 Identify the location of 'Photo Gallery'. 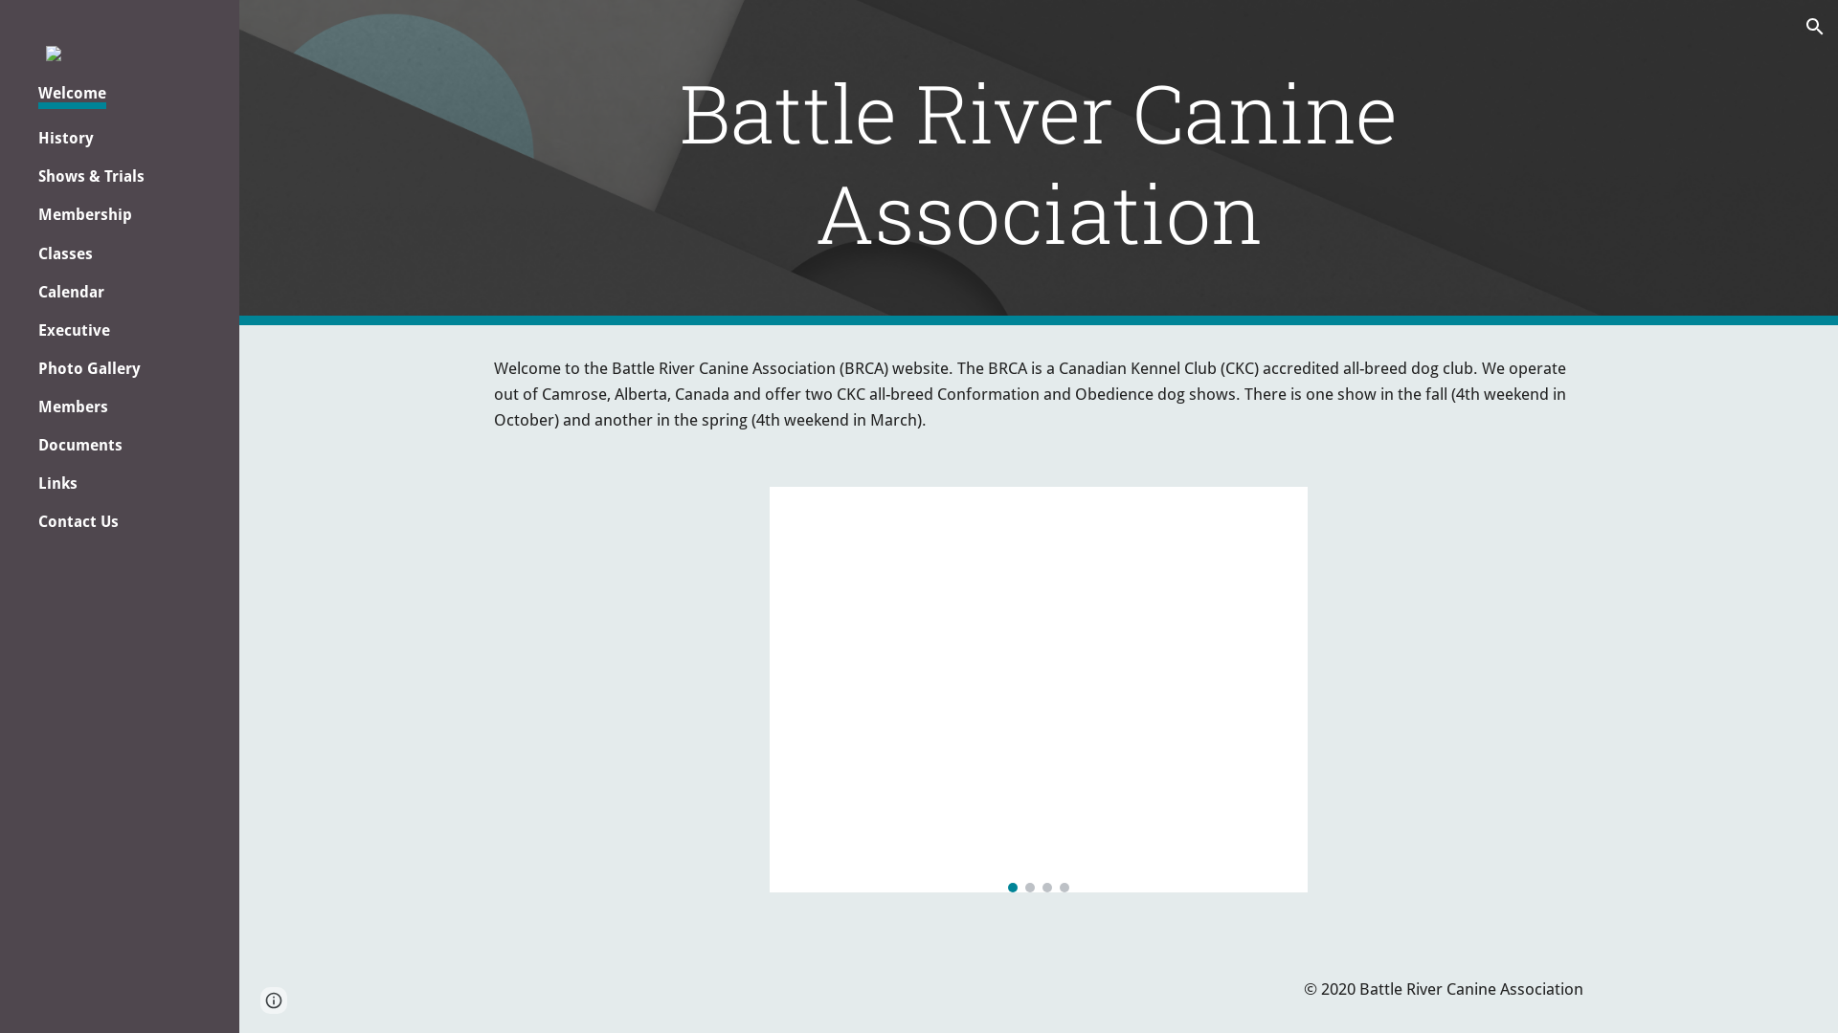
(88, 368).